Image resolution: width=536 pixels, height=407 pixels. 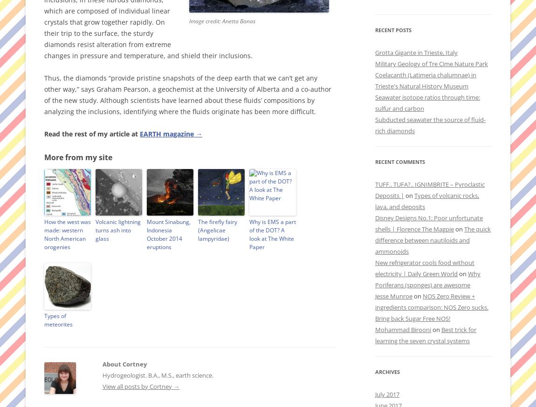 I want to click on 'Volcanic lightning turns ash into glass', so click(x=117, y=230).